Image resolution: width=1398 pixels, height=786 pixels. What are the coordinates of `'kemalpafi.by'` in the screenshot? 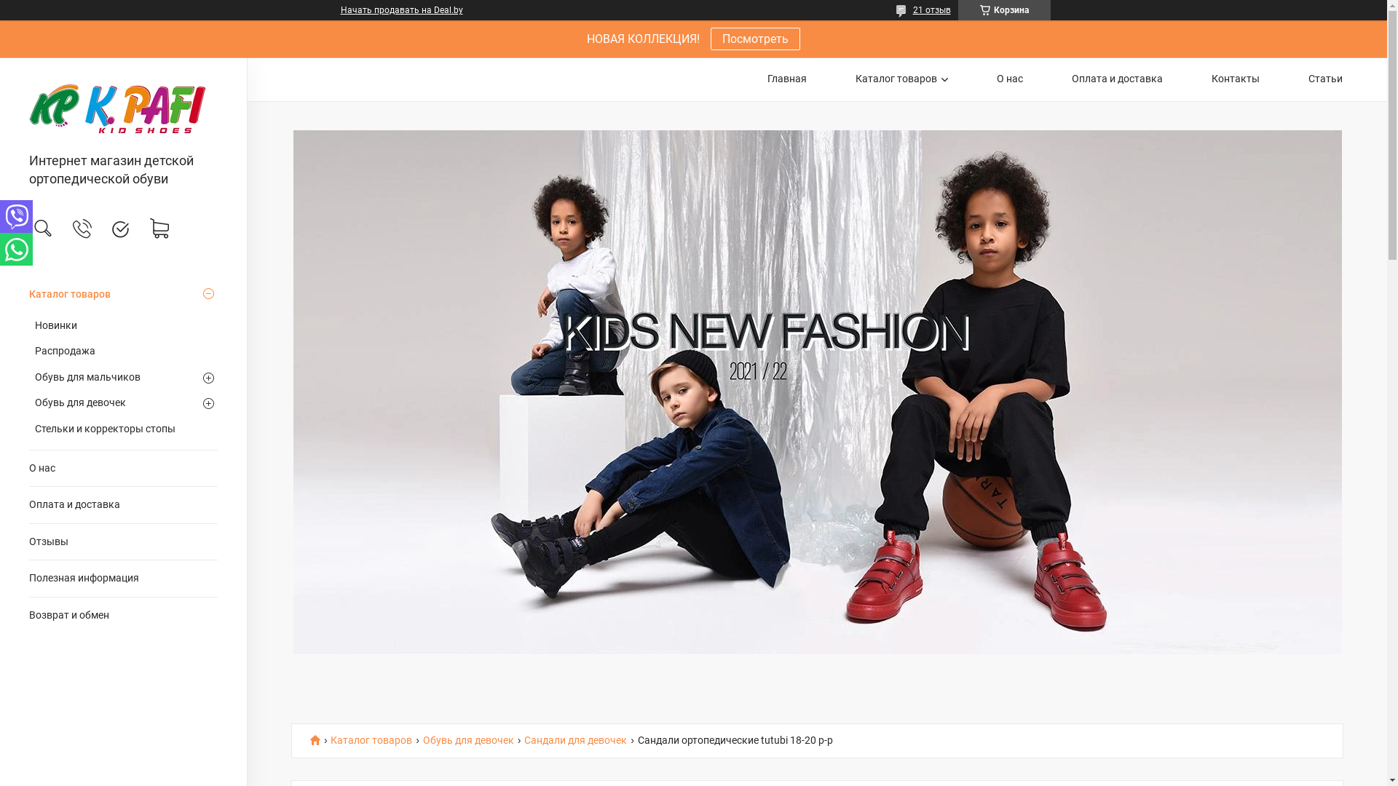 It's located at (123, 106).